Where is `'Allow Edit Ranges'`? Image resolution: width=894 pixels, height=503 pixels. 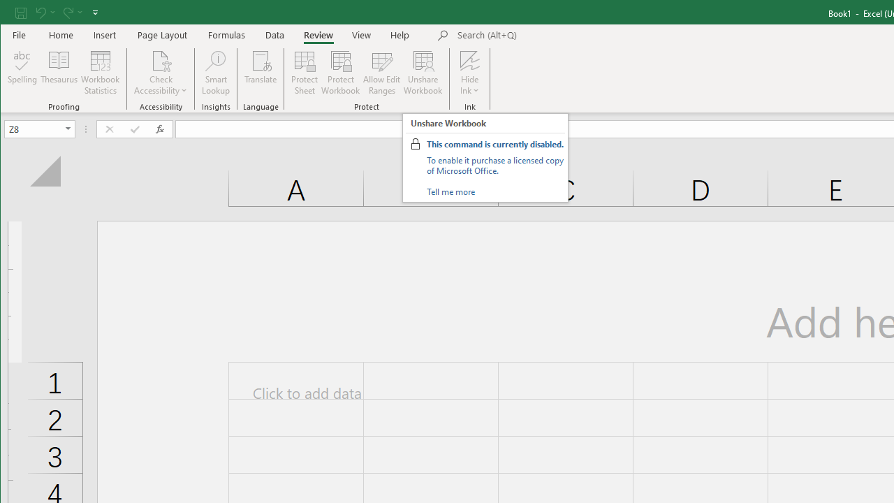 'Allow Edit Ranges' is located at coordinates (382, 73).